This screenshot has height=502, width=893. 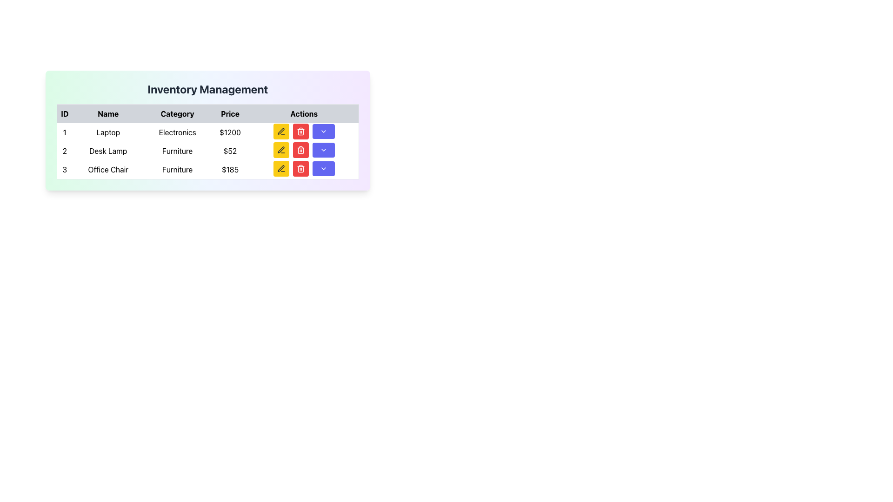 What do you see at coordinates (230, 150) in the screenshot?
I see `price displayed for the 'Desk Lamp' in the second row, fourth column of the pricing table` at bounding box center [230, 150].